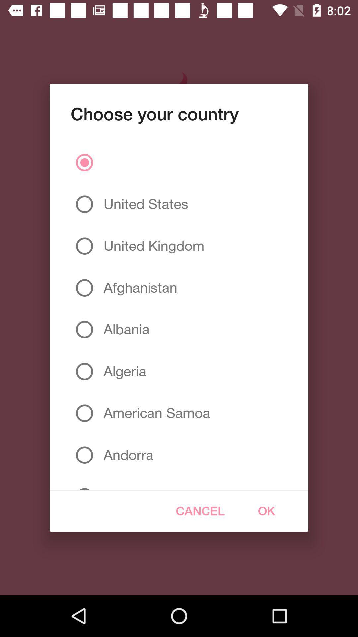 This screenshot has height=637, width=358. What do you see at coordinates (266, 511) in the screenshot?
I see `ok item` at bounding box center [266, 511].